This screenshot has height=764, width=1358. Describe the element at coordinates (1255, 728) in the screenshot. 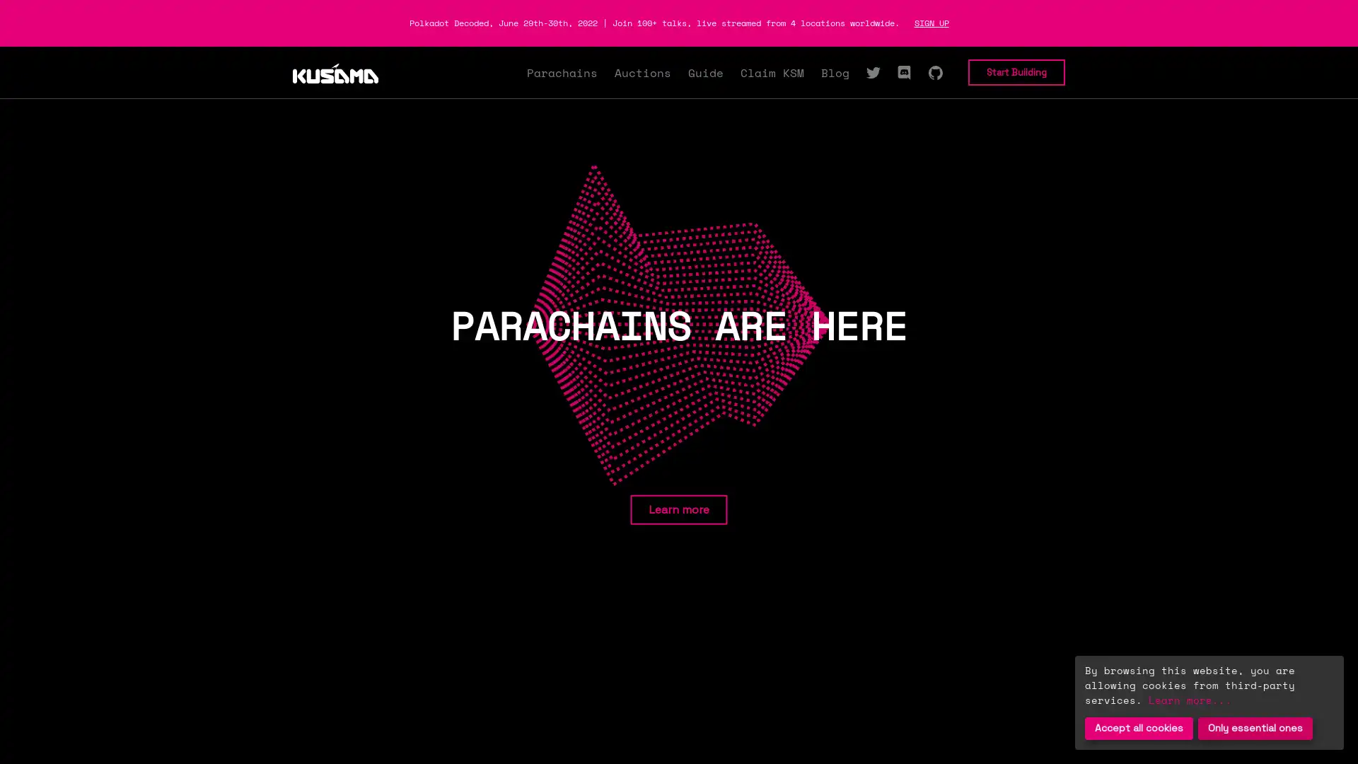

I see `Only essential ones` at that location.